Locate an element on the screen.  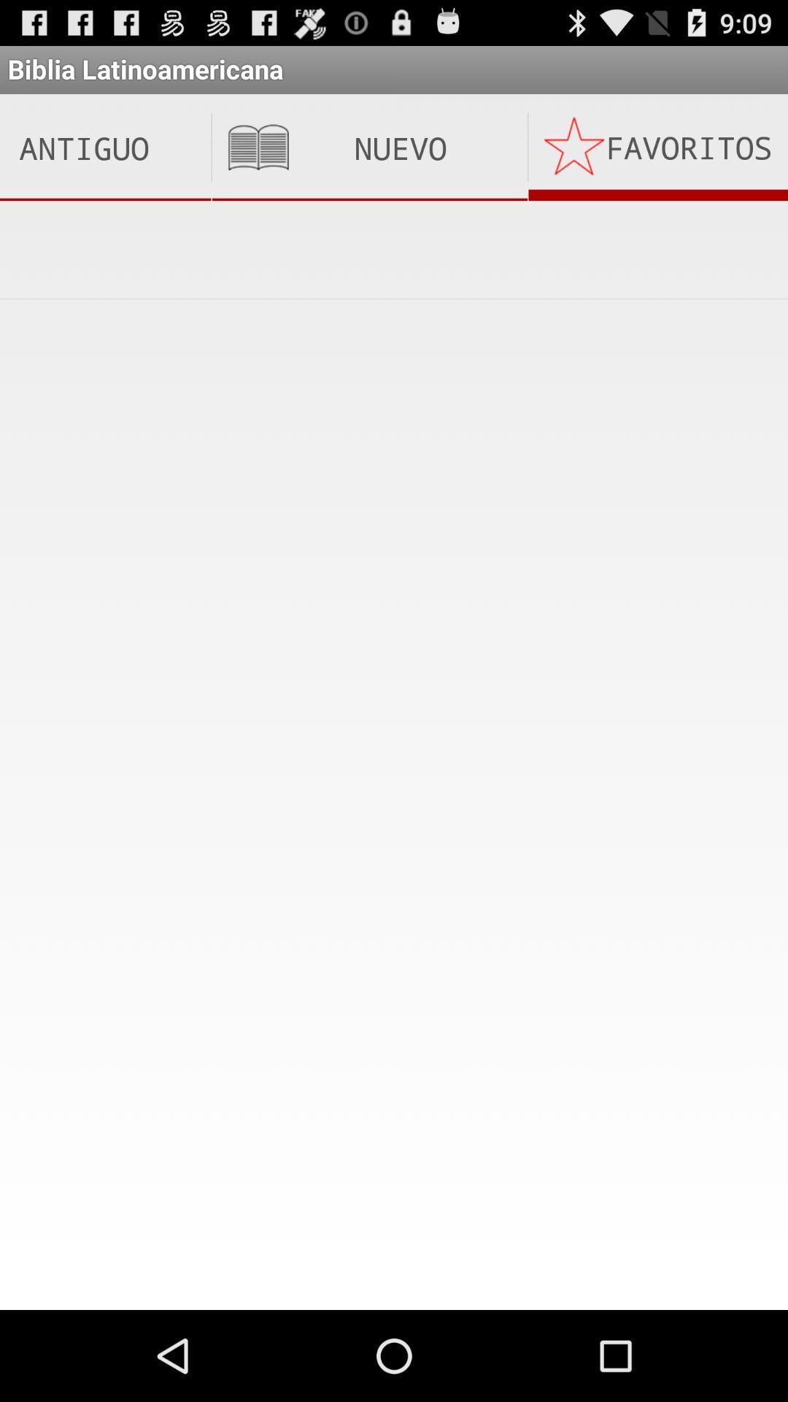
the item below the antiguo testamento item is located at coordinates (394, 249).